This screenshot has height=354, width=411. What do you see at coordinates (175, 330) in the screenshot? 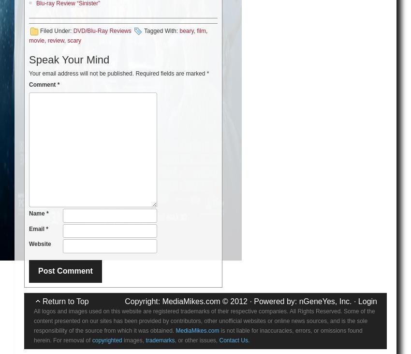
I see `'MediaMikes.com'` at bounding box center [175, 330].